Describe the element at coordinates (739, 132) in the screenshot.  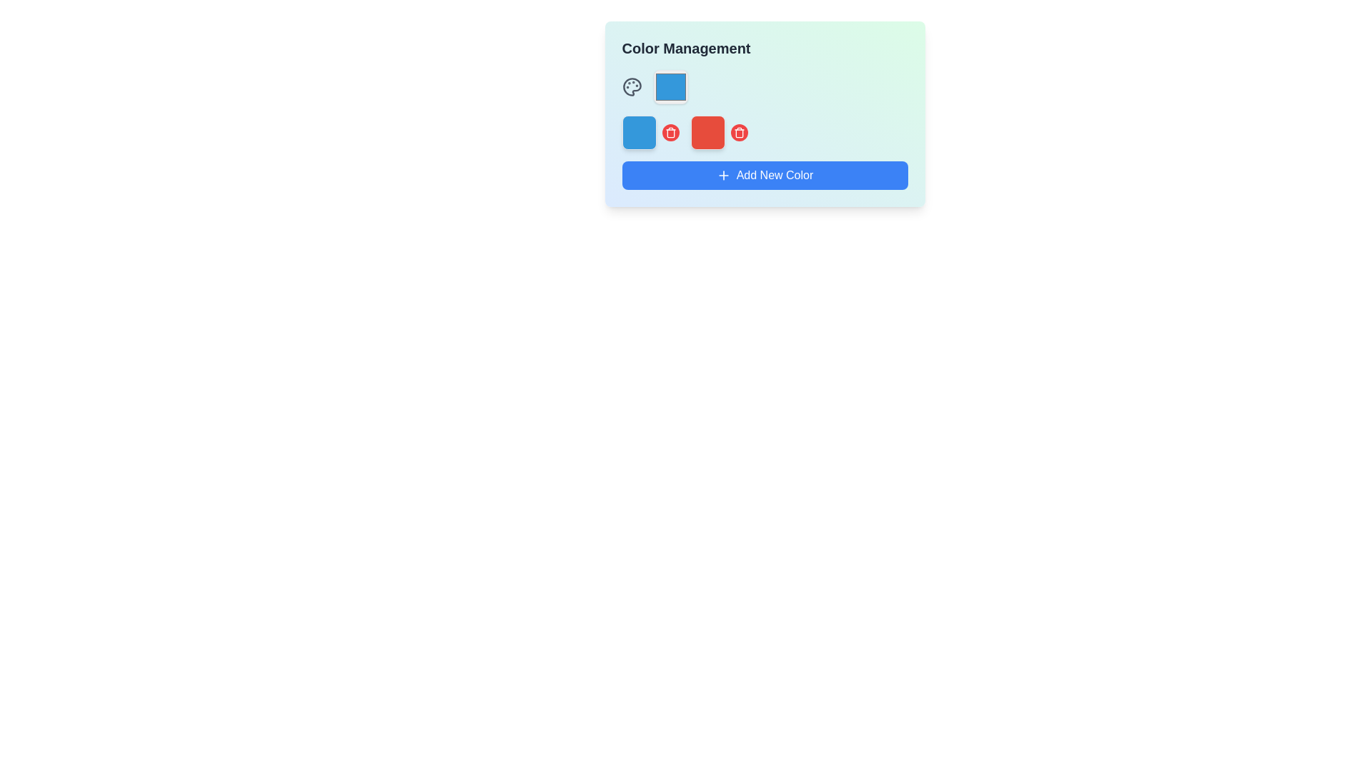
I see `the circular button with a red background and trash icon, located` at that location.